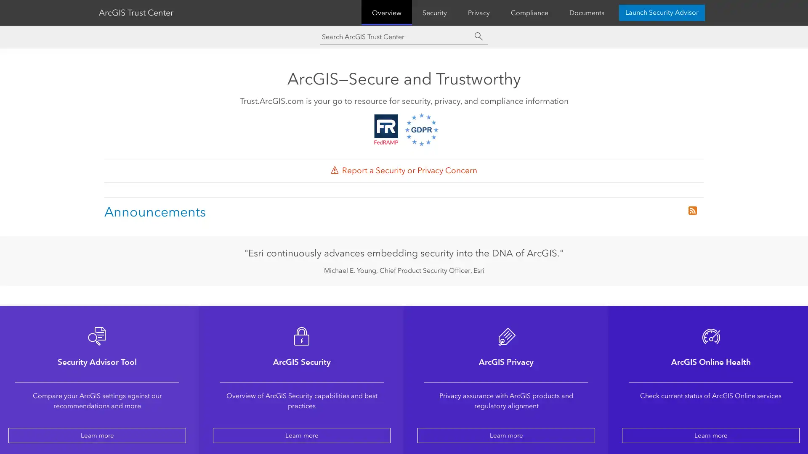 Image resolution: width=808 pixels, height=454 pixels. What do you see at coordinates (478, 59) in the screenshot?
I see `Search` at bounding box center [478, 59].